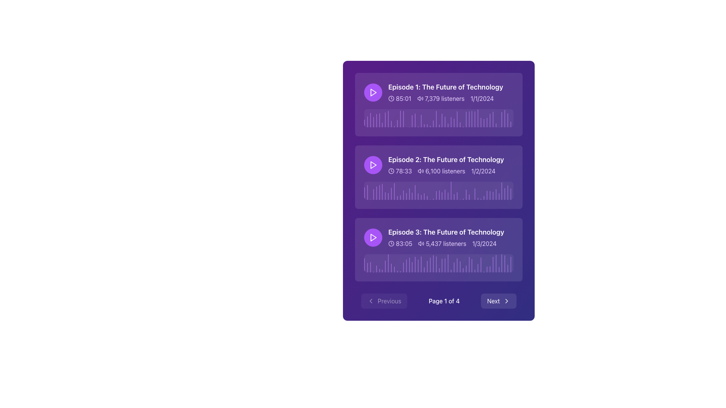 This screenshot has height=408, width=726. What do you see at coordinates (499, 301) in the screenshot?
I see `the 'Next' button, which is a rectangular button with white text on a semi-transparent dark background and a right-pointing chevron icon, located in the bottom-right corner of the navigation bar` at bounding box center [499, 301].